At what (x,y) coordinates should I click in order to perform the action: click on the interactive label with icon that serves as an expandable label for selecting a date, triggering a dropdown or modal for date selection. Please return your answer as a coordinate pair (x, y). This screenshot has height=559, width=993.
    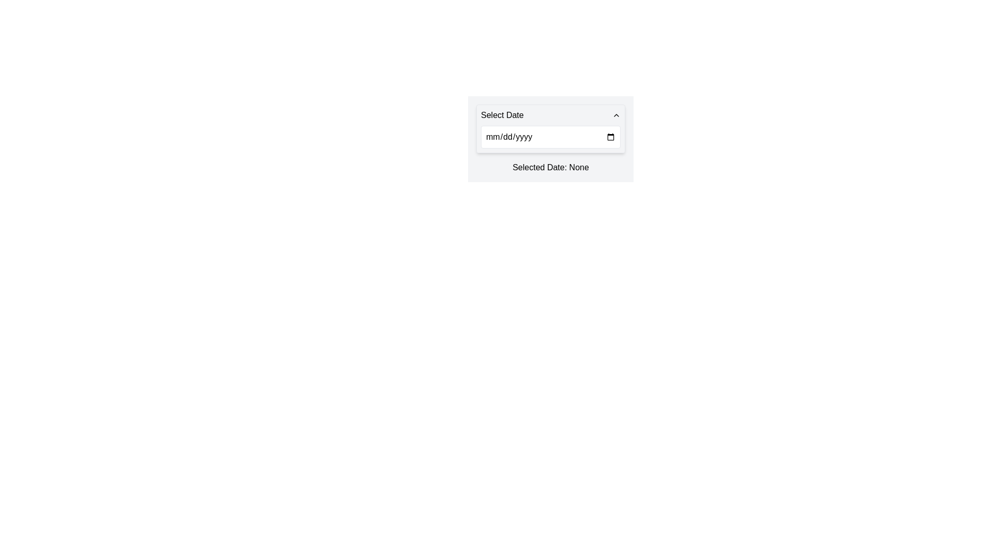
    Looking at the image, I should click on (550, 115).